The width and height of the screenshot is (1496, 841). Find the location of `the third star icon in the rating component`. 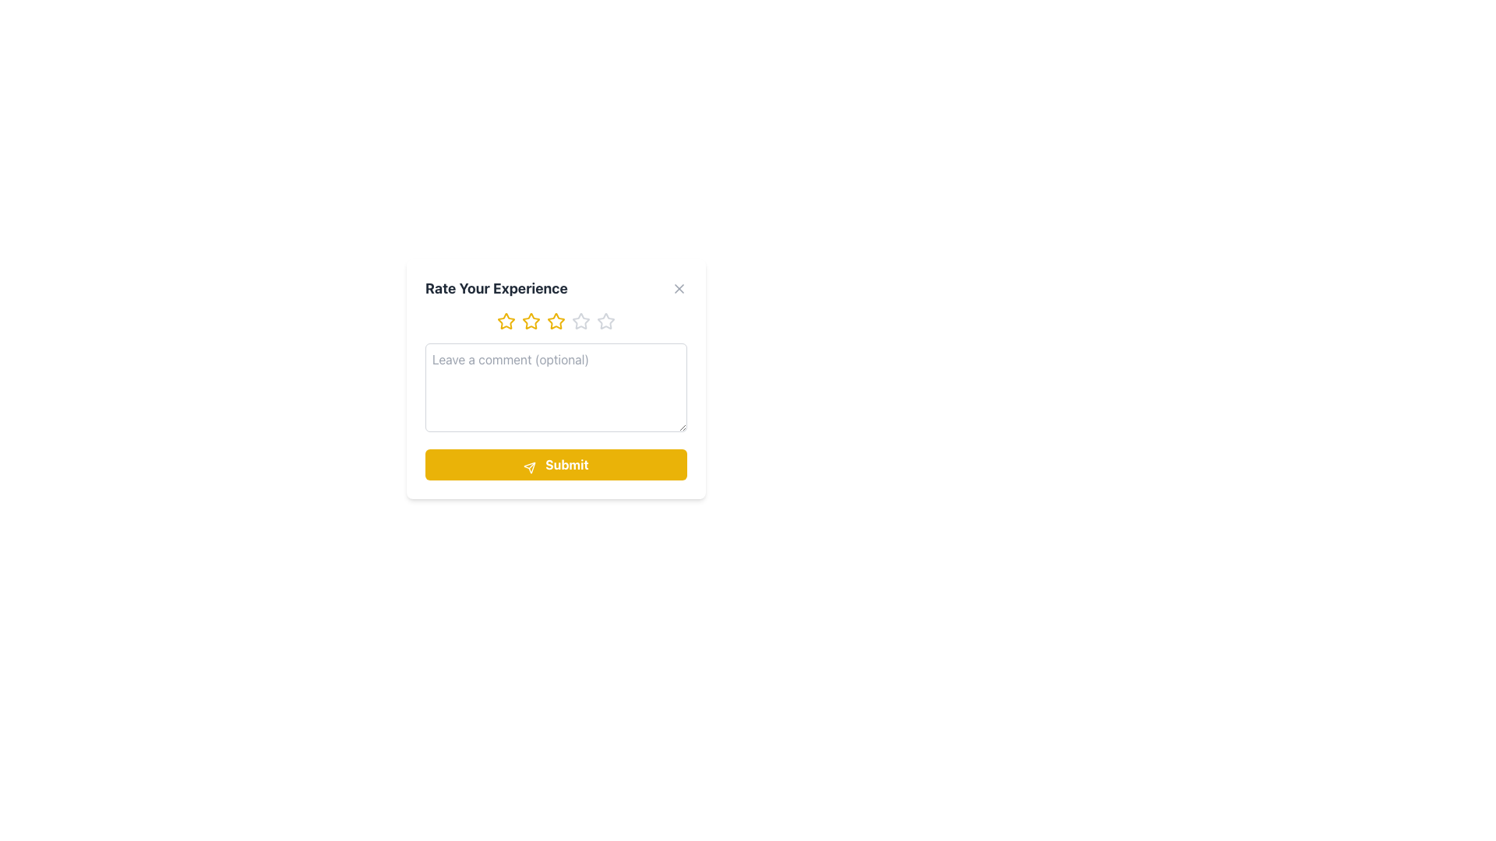

the third star icon in the rating component is located at coordinates (556, 320).